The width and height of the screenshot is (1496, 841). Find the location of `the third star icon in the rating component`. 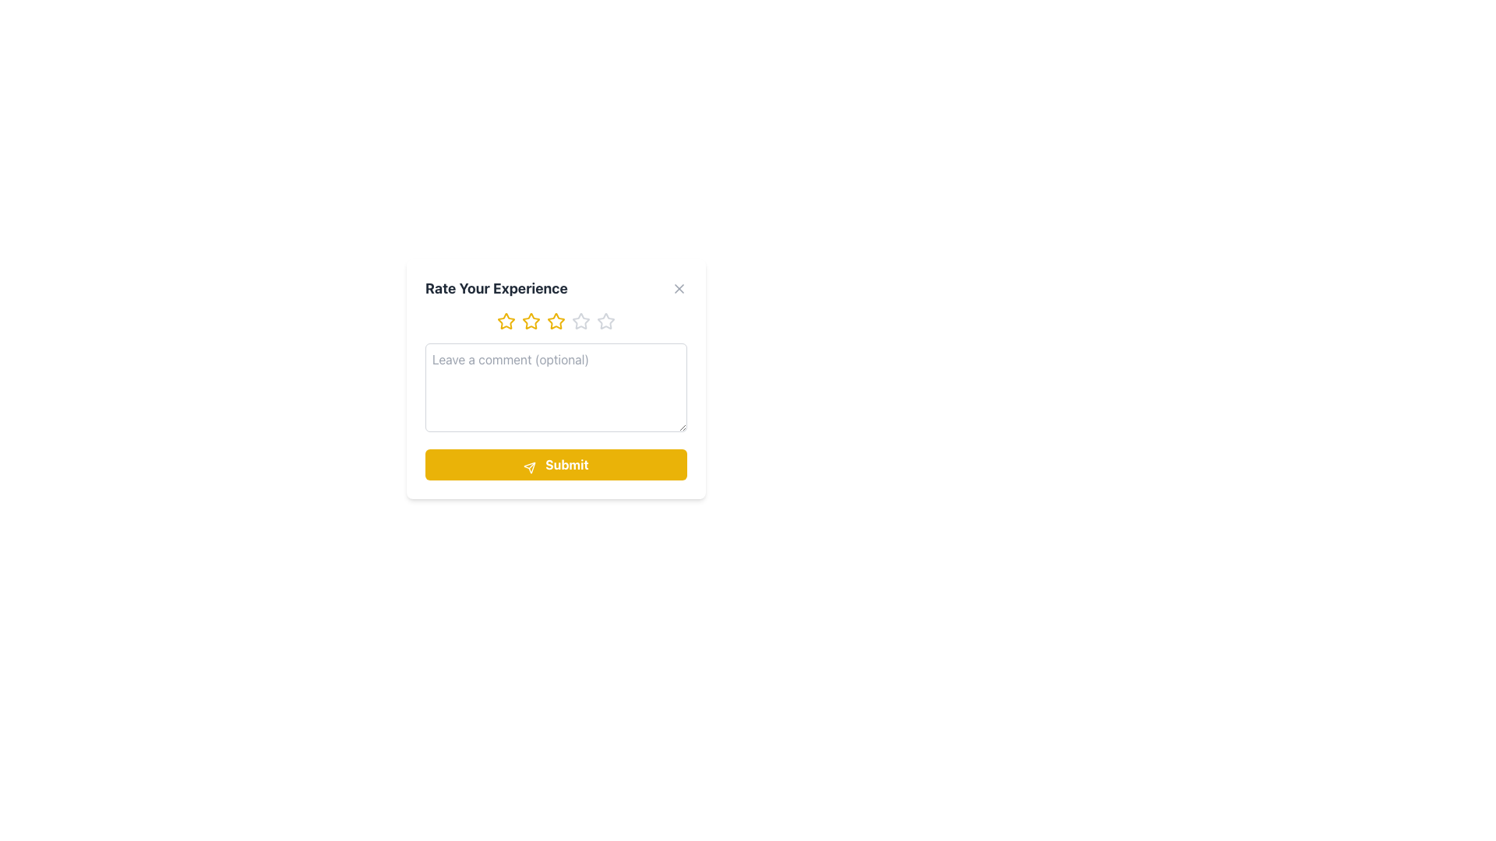

the third star icon in the rating component is located at coordinates (556, 320).